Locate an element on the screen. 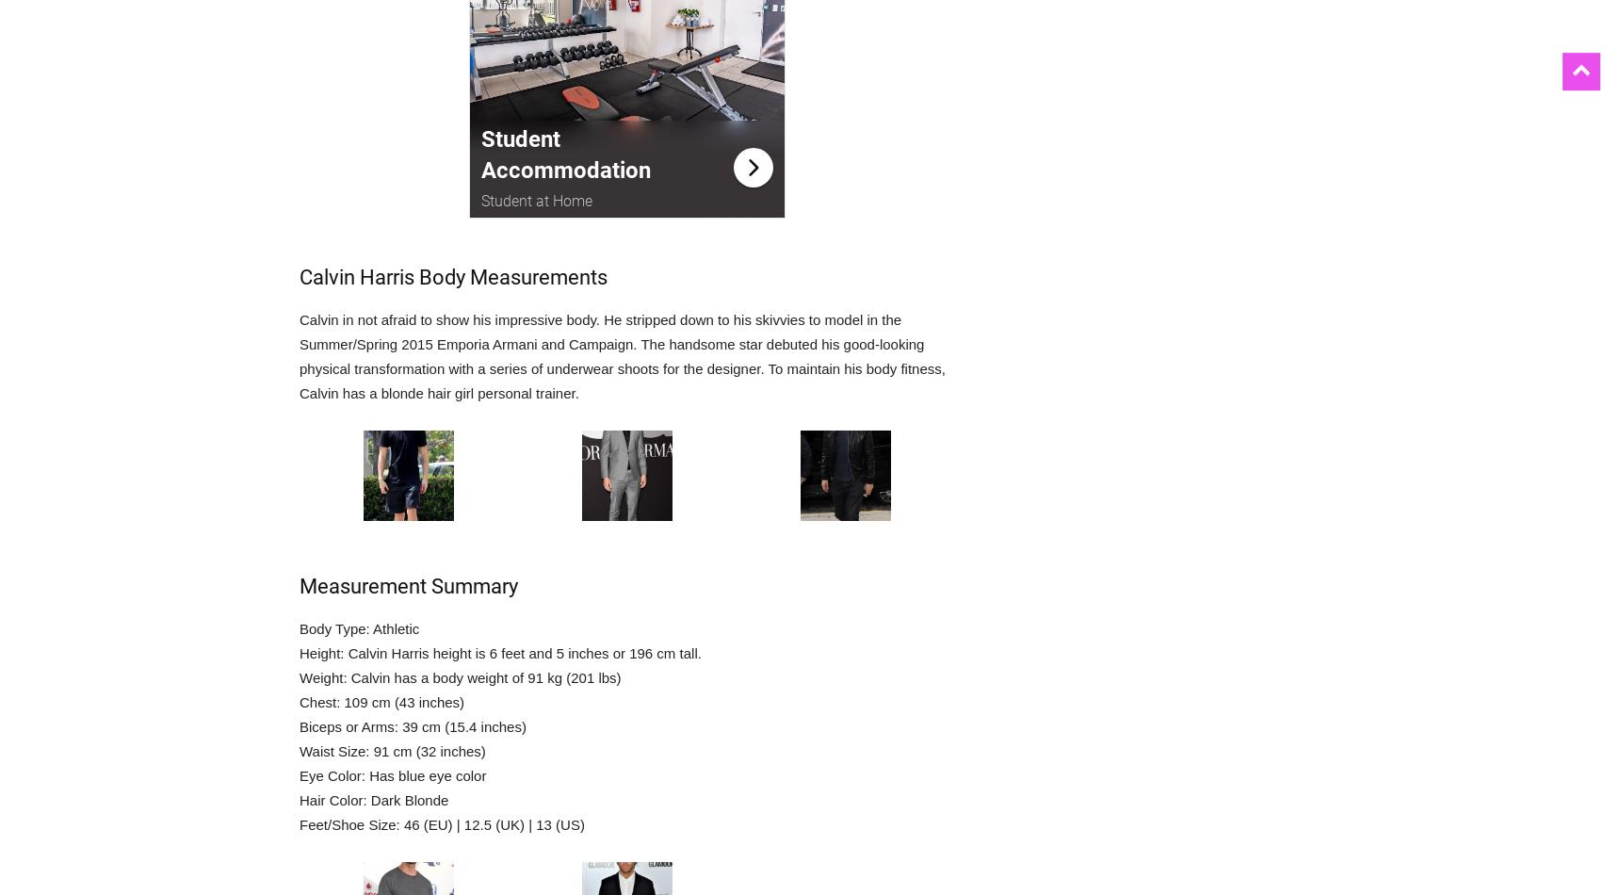 This screenshot has width=1605, height=895. 'Feet/Shoe Size: 46 (EU) | 12.5 (UK) | 13 (US)' is located at coordinates (441, 823).